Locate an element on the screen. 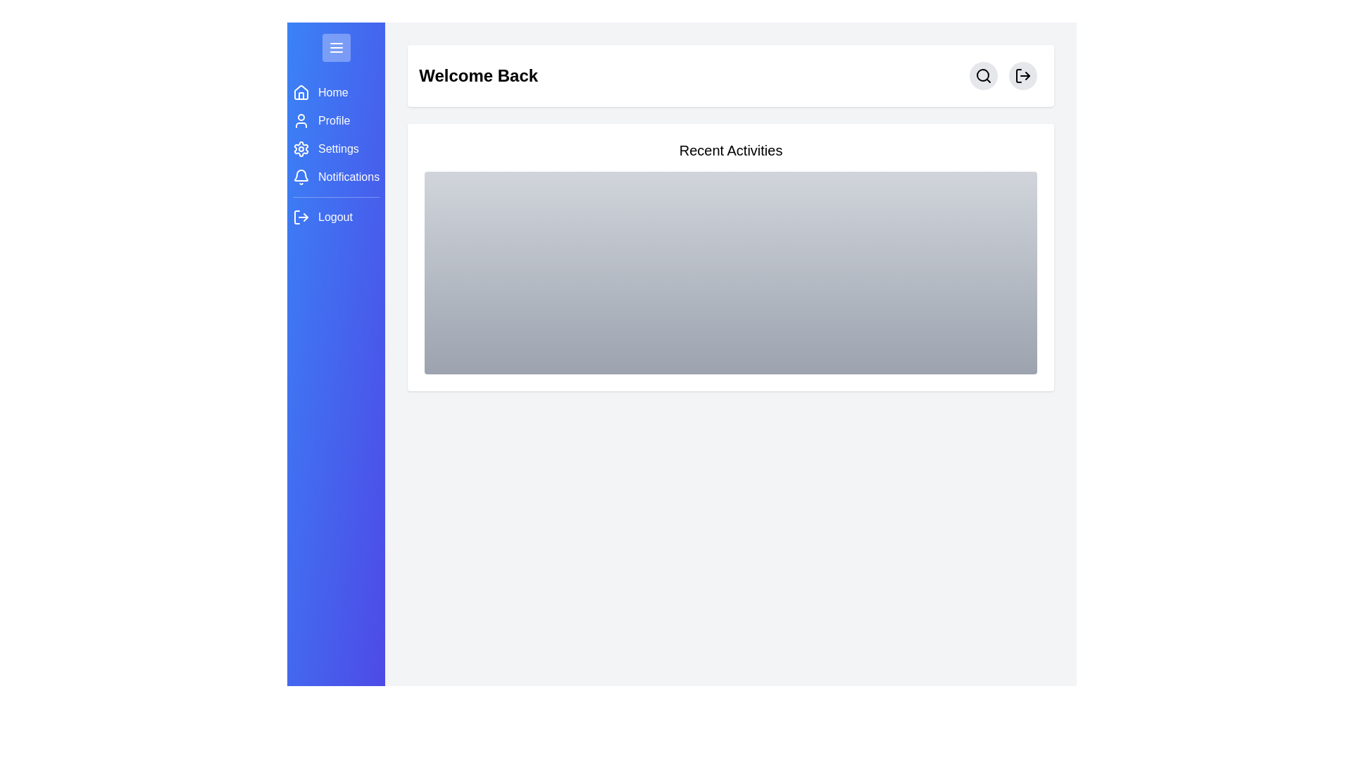 The image size is (1352, 760). the Indicator bar located below the 'Notifications' menu item in the sidebar is located at coordinates (335, 197).